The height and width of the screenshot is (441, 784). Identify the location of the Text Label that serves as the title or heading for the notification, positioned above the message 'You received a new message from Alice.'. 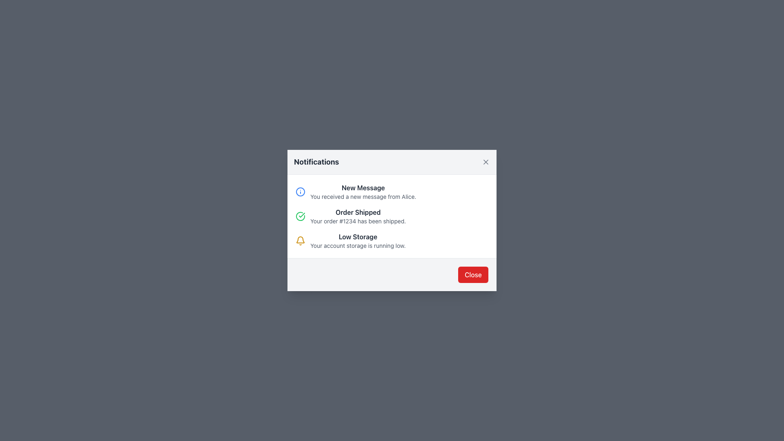
(363, 187).